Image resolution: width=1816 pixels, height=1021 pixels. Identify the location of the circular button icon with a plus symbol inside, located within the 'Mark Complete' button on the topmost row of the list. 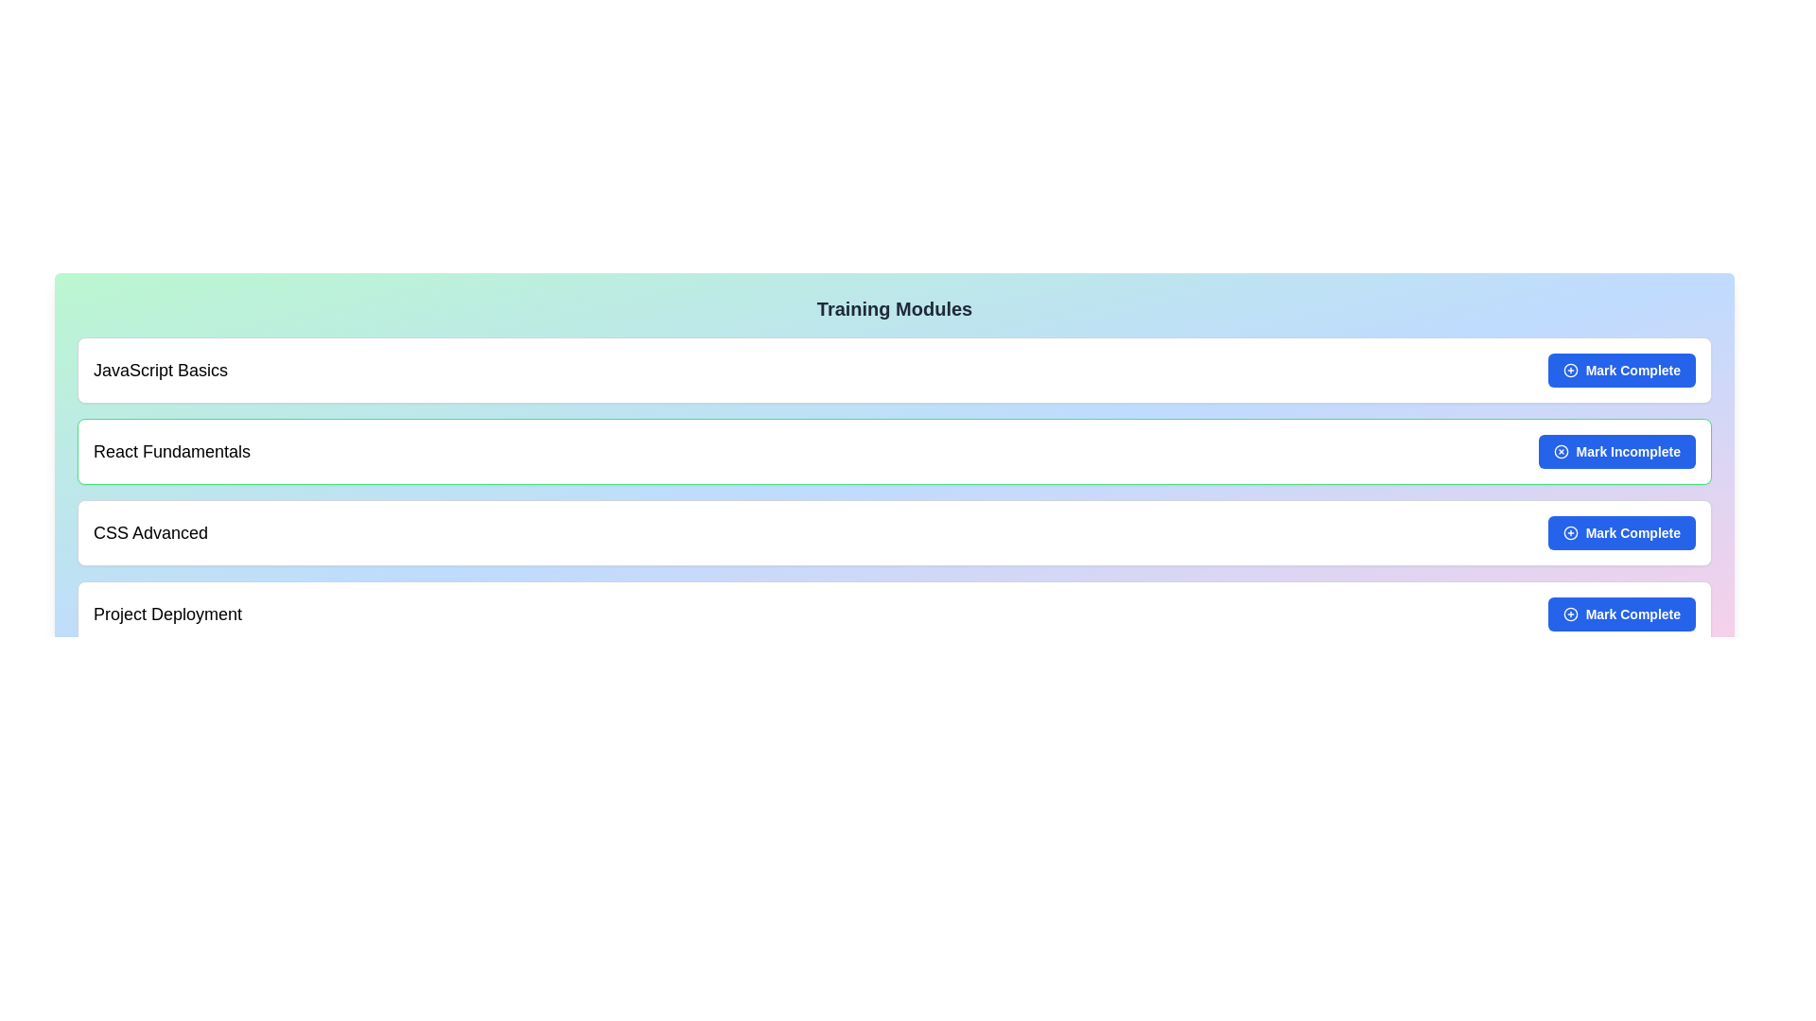
(1570, 371).